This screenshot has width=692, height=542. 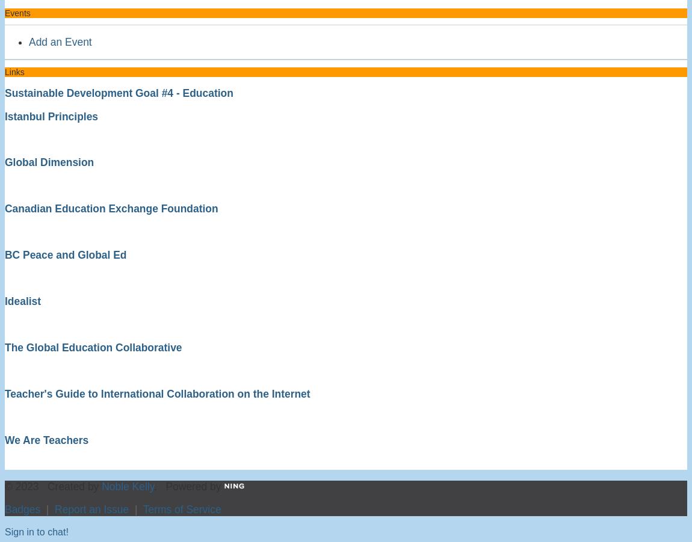 I want to click on 'Idealist', so click(x=22, y=301).